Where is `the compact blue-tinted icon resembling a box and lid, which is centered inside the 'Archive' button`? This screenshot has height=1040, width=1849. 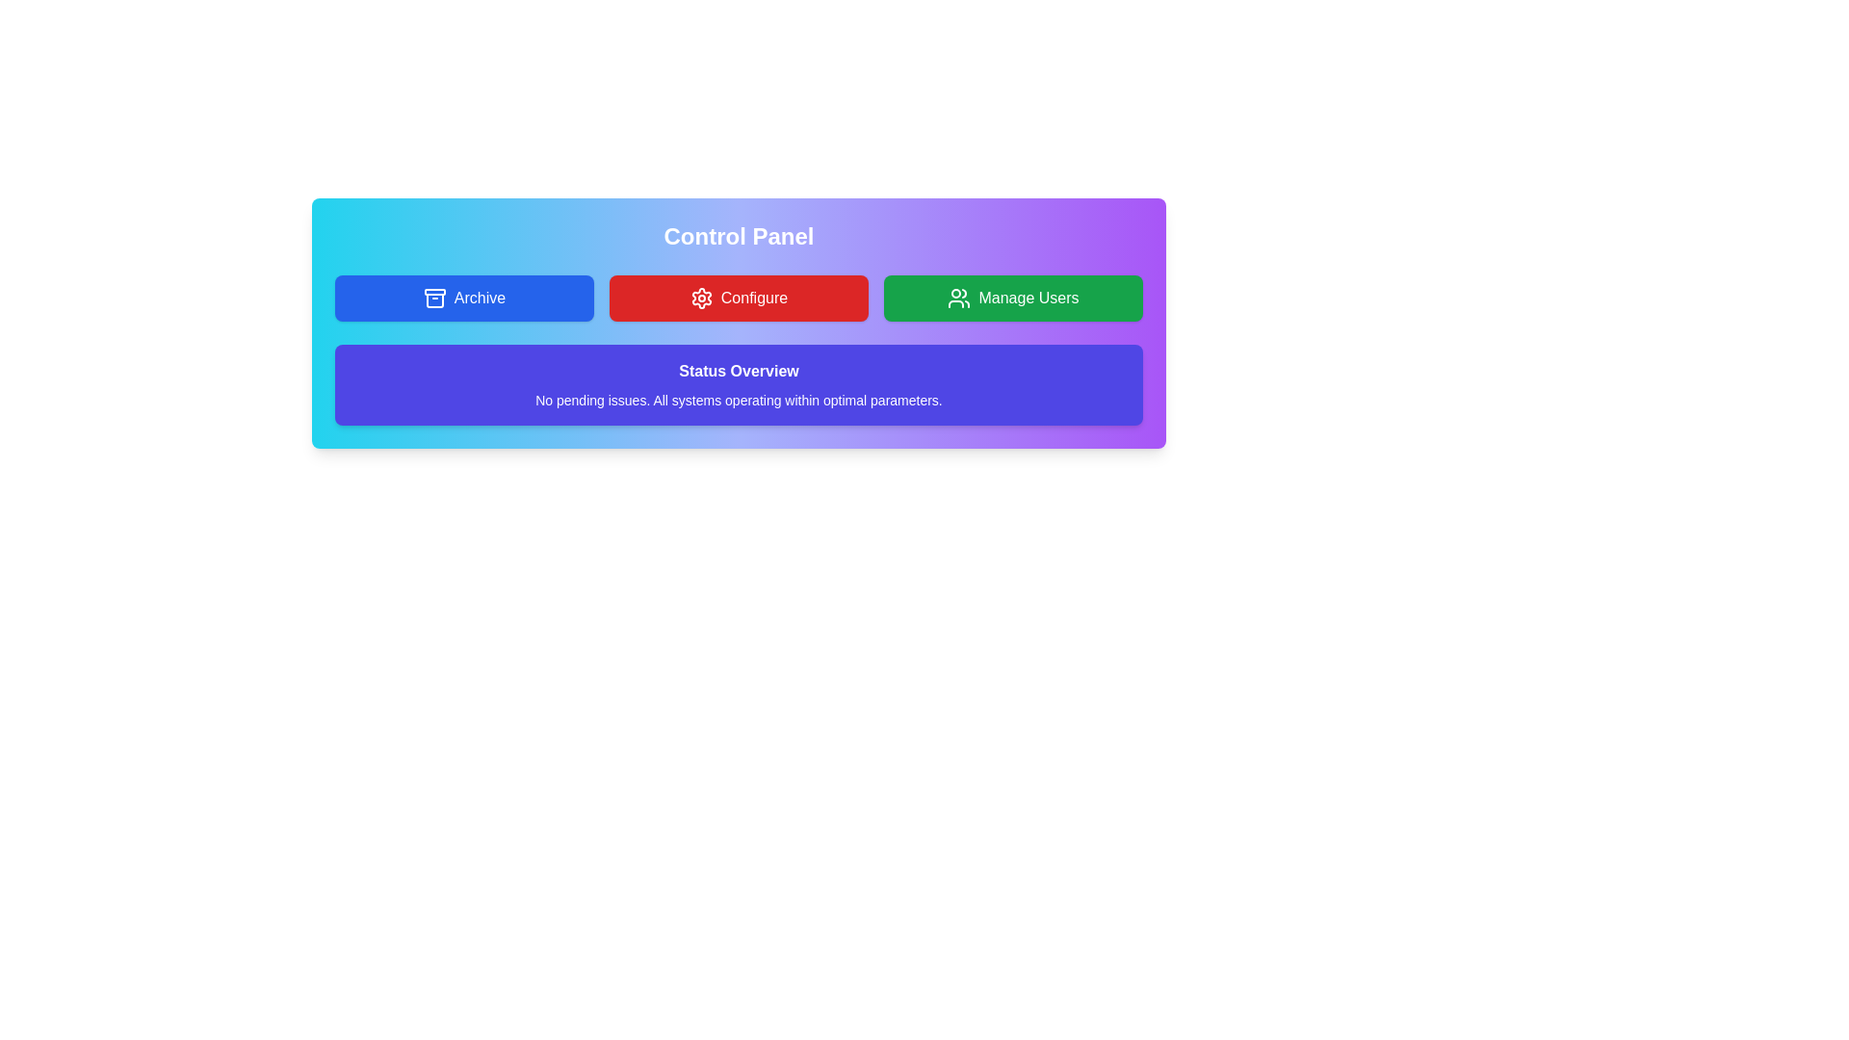 the compact blue-tinted icon resembling a box and lid, which is centered inside the 'Archive' button is located at coordinates (433, 298).